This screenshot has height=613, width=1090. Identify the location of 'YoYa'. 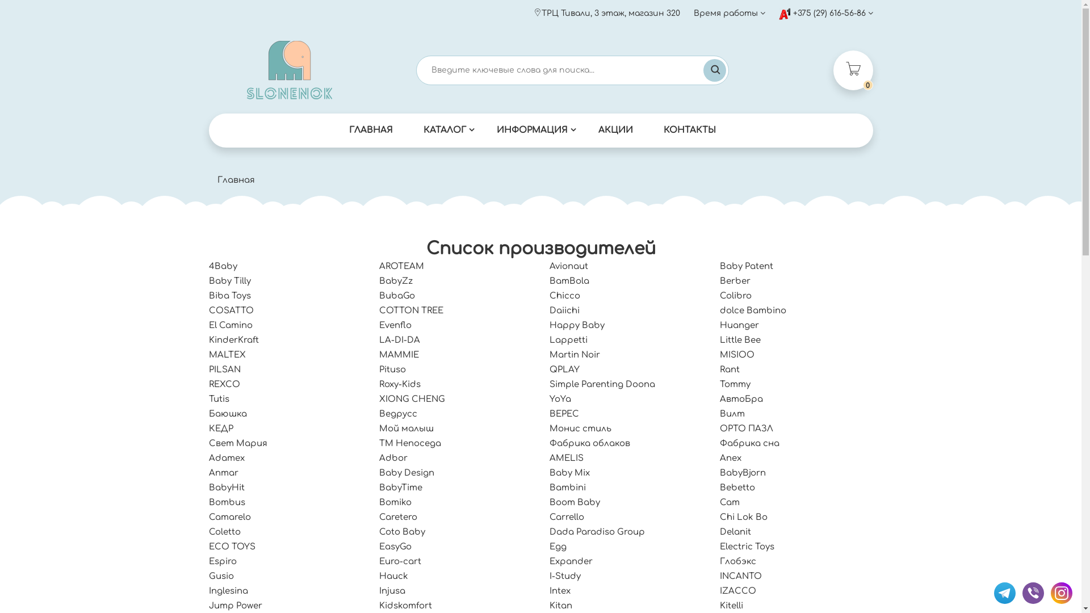
(560, 398).